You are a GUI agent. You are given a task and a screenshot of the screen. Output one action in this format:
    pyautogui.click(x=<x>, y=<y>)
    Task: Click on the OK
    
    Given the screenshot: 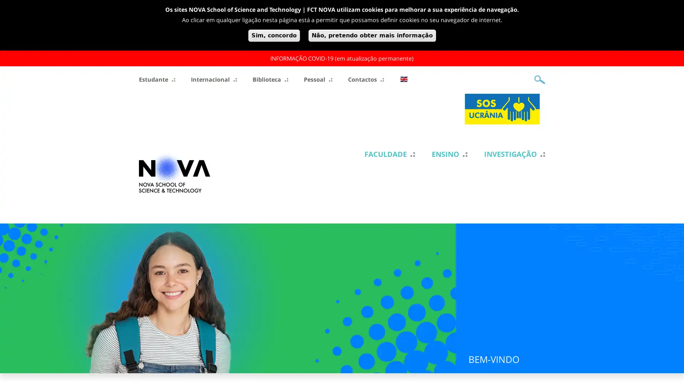 What is the action you would take?
    pyautogui.click(x=540, y=79)
    